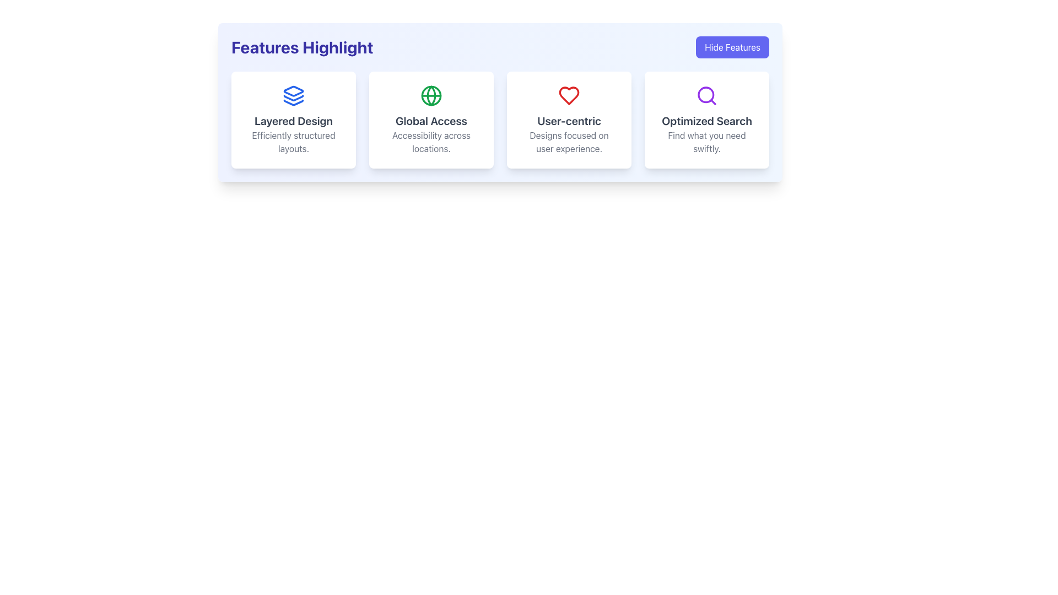 The width and height of the screenshot is (1058, 595). What do you see at coordinates (293, 142) in the screenshot?
I see `the text in the Text Display element located below the 'Layered Design' title by dragging the mouse cursor across it` at bounding box center [293, 142].